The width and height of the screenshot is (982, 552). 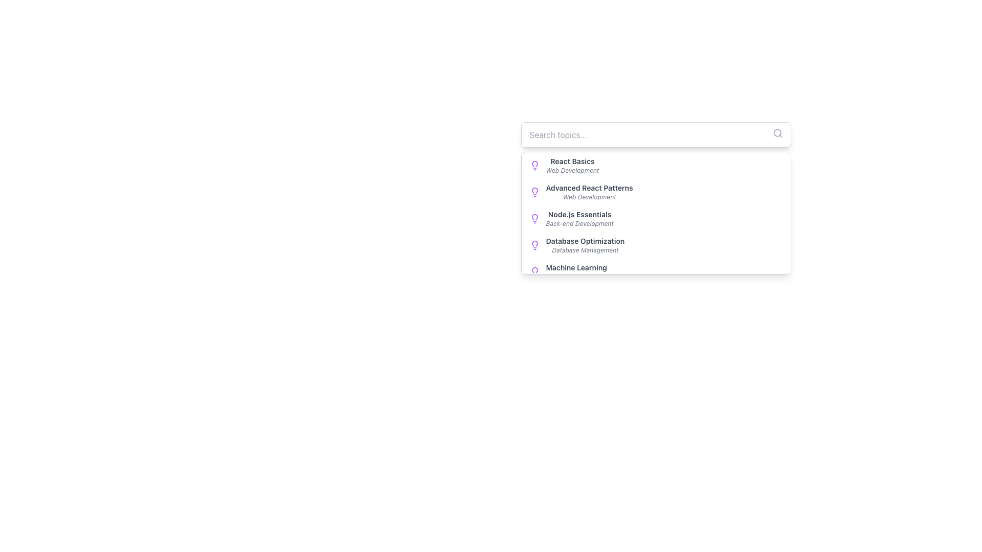 I want to click on the text element displaying 'Advanced React Patterns', which is the second item in a list under a search or filter component, so click(x=589, y=188).